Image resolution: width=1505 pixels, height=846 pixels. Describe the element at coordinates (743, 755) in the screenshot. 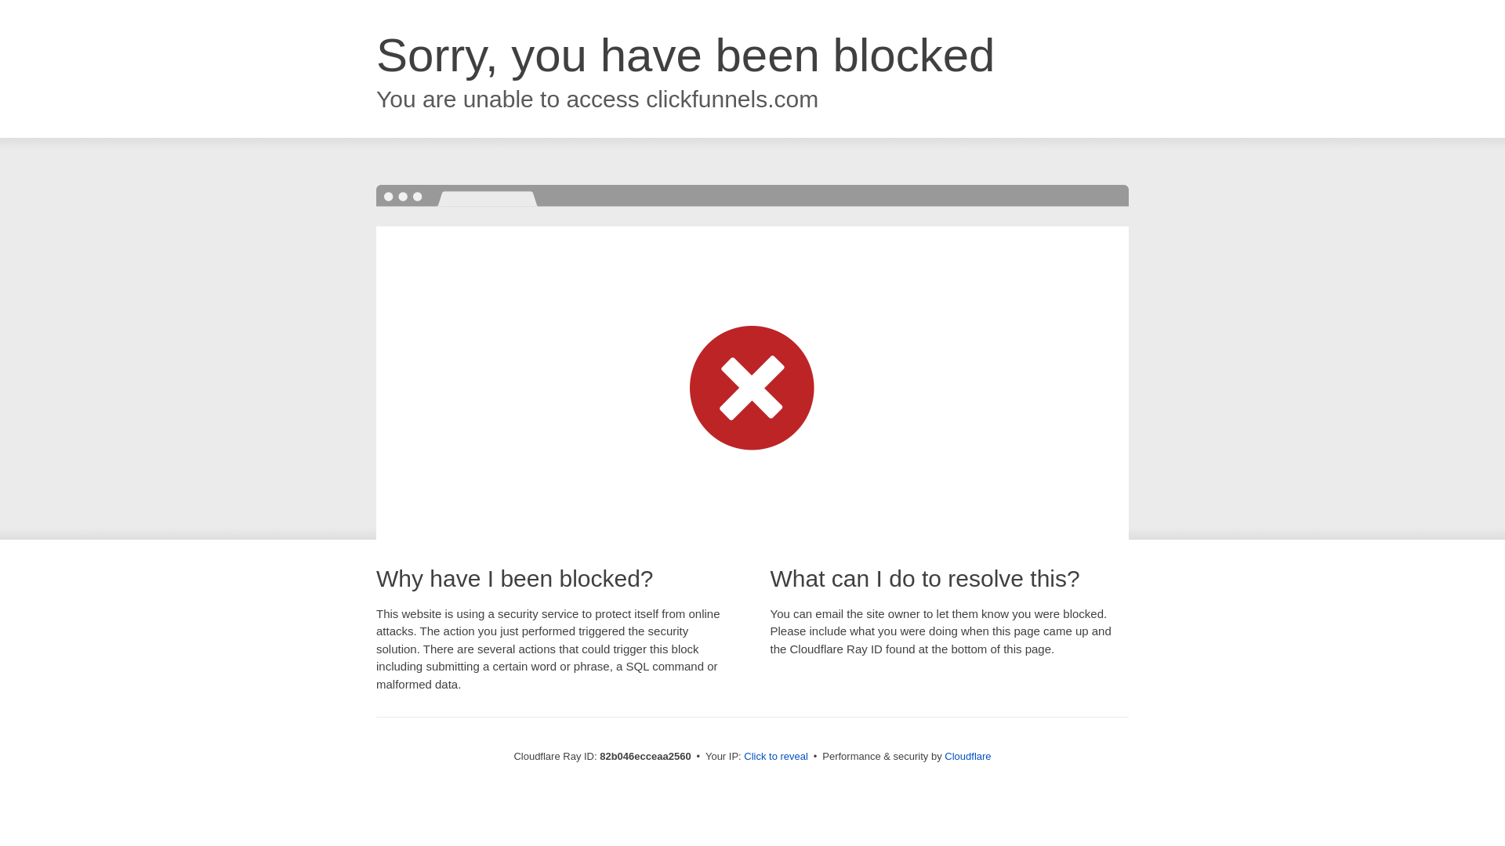

I see `'Click to reveal'` at that location.